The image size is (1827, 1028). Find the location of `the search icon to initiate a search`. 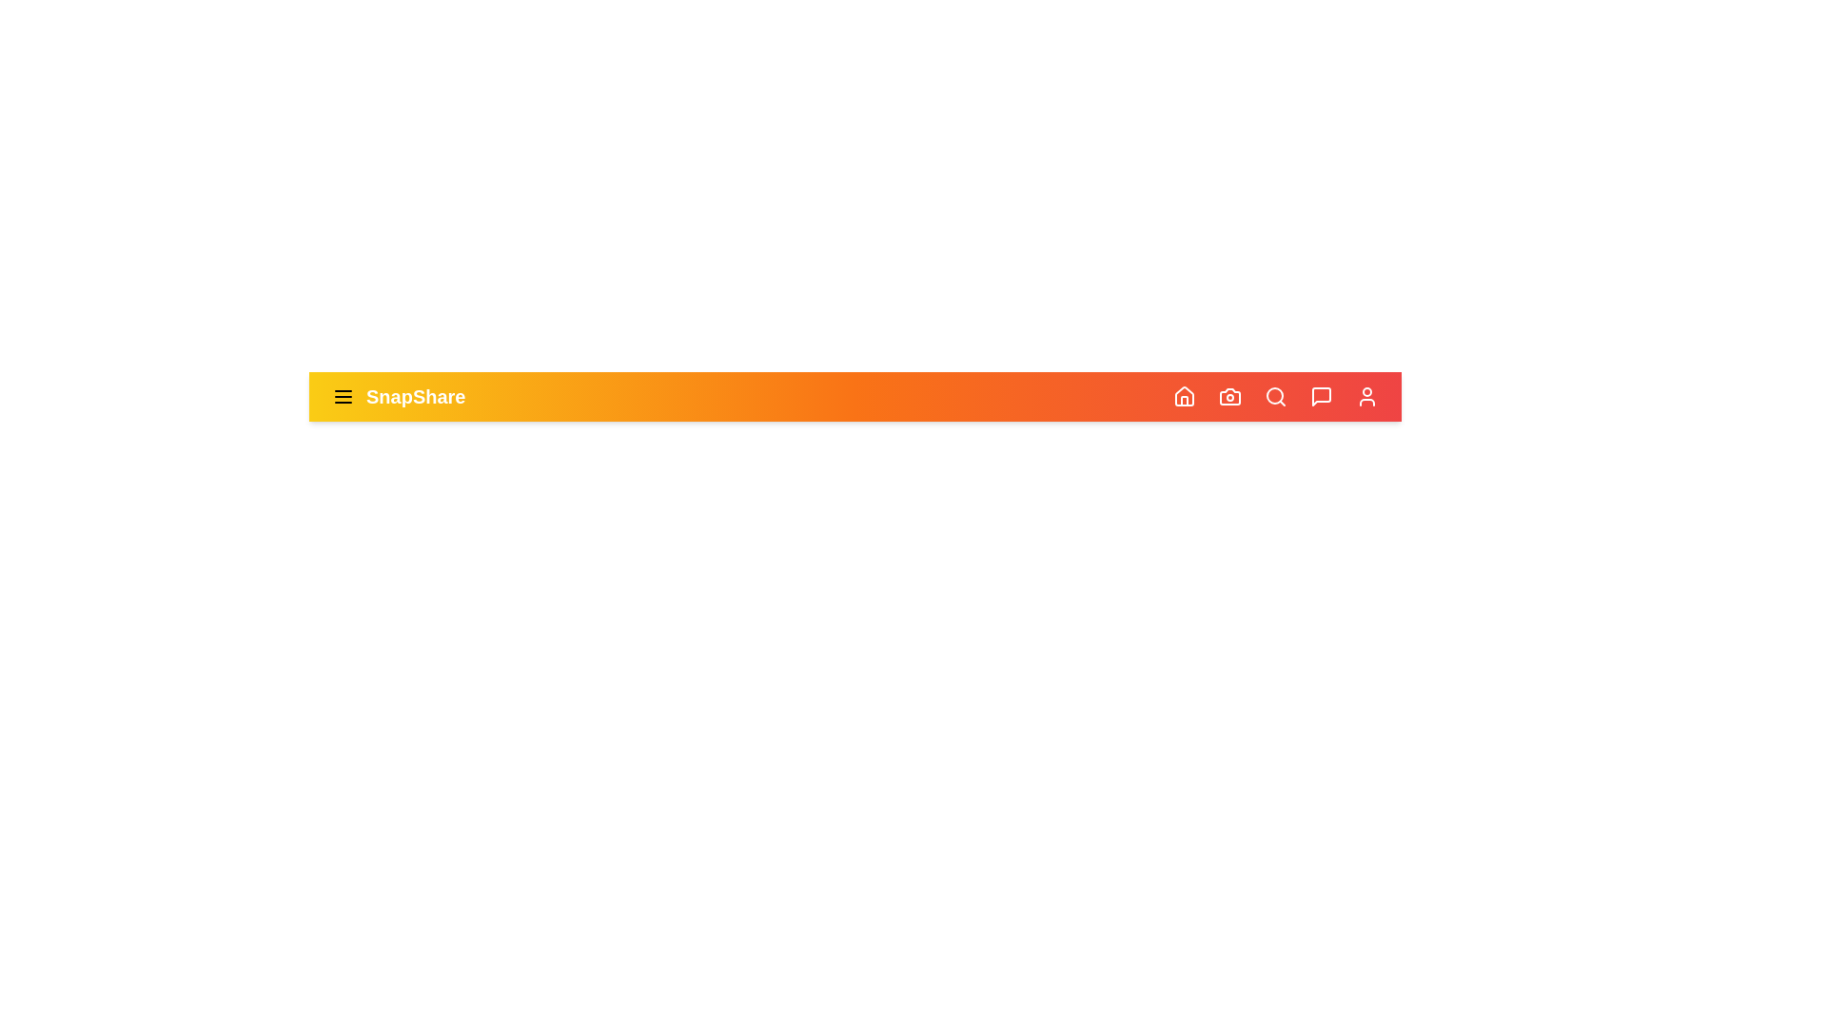

the search icon to initiate a search is located at coordinates (1275, 395).